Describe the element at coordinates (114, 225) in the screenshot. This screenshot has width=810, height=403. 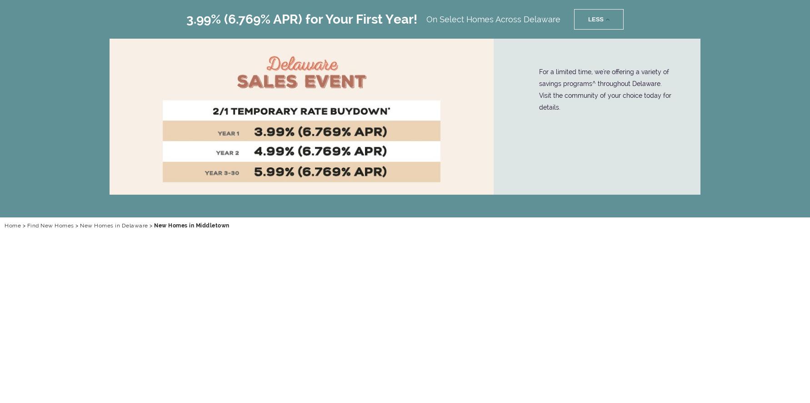
I see `'New Homes in Delaware'` at that location.